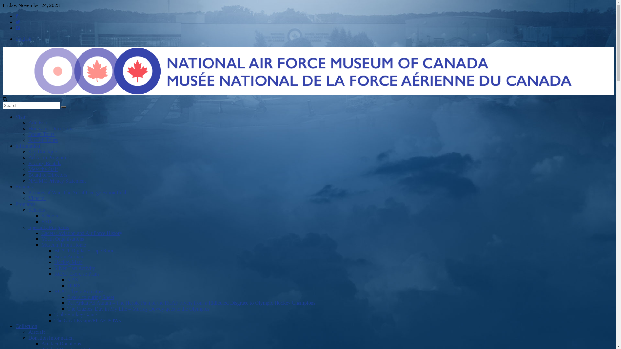 Image resolution: width=621 pixels, height=349 pixels. What do you see at coordinates (42, 152) in the screenshot?
I see `'Sky Boutique'` at bounding box center [42, 152].